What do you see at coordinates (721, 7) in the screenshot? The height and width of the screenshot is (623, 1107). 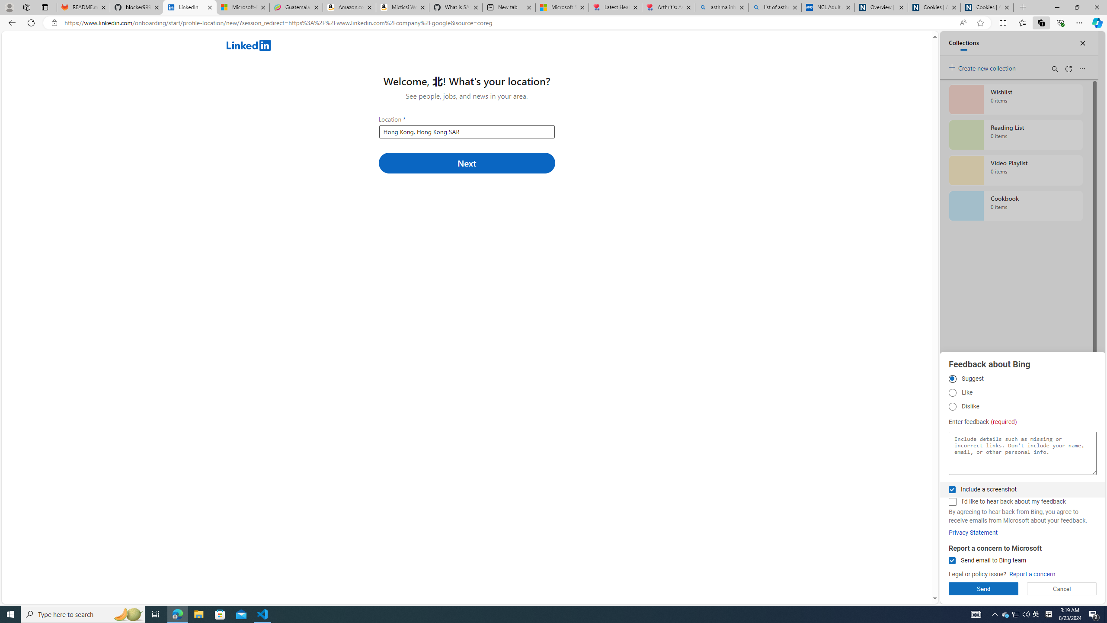 I see `'asthma inhaler - Search'` at bounding box center [721, 7].